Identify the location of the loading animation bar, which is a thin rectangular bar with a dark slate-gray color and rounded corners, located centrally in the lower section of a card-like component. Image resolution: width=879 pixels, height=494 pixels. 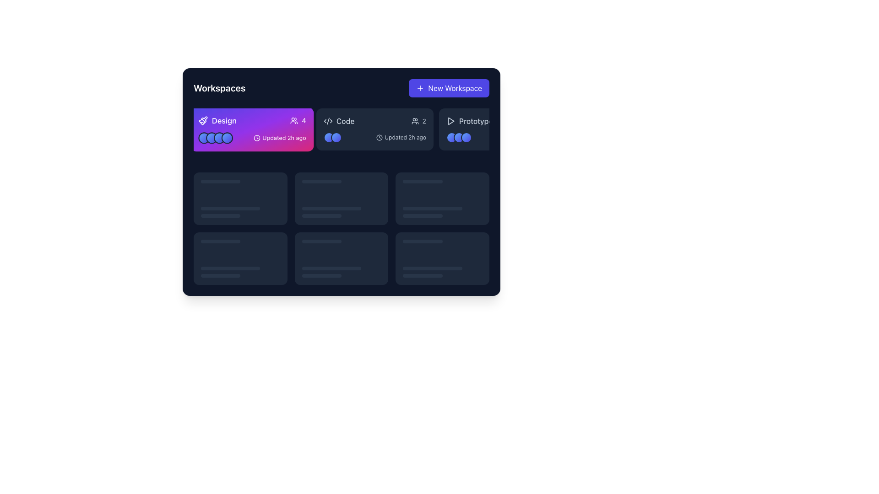
(321, 241).